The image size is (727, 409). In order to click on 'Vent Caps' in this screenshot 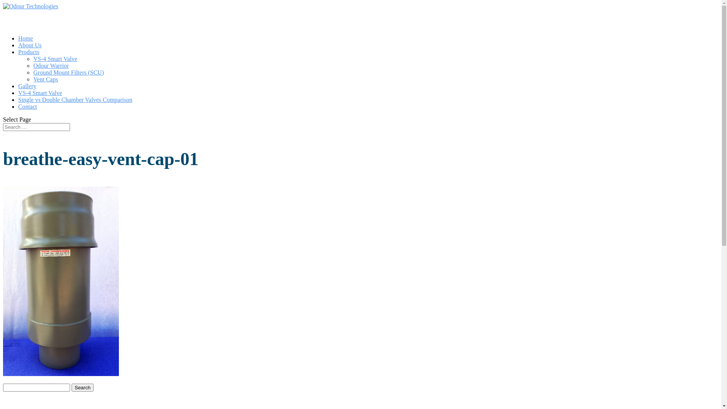, I will do `click(45, 79)`.